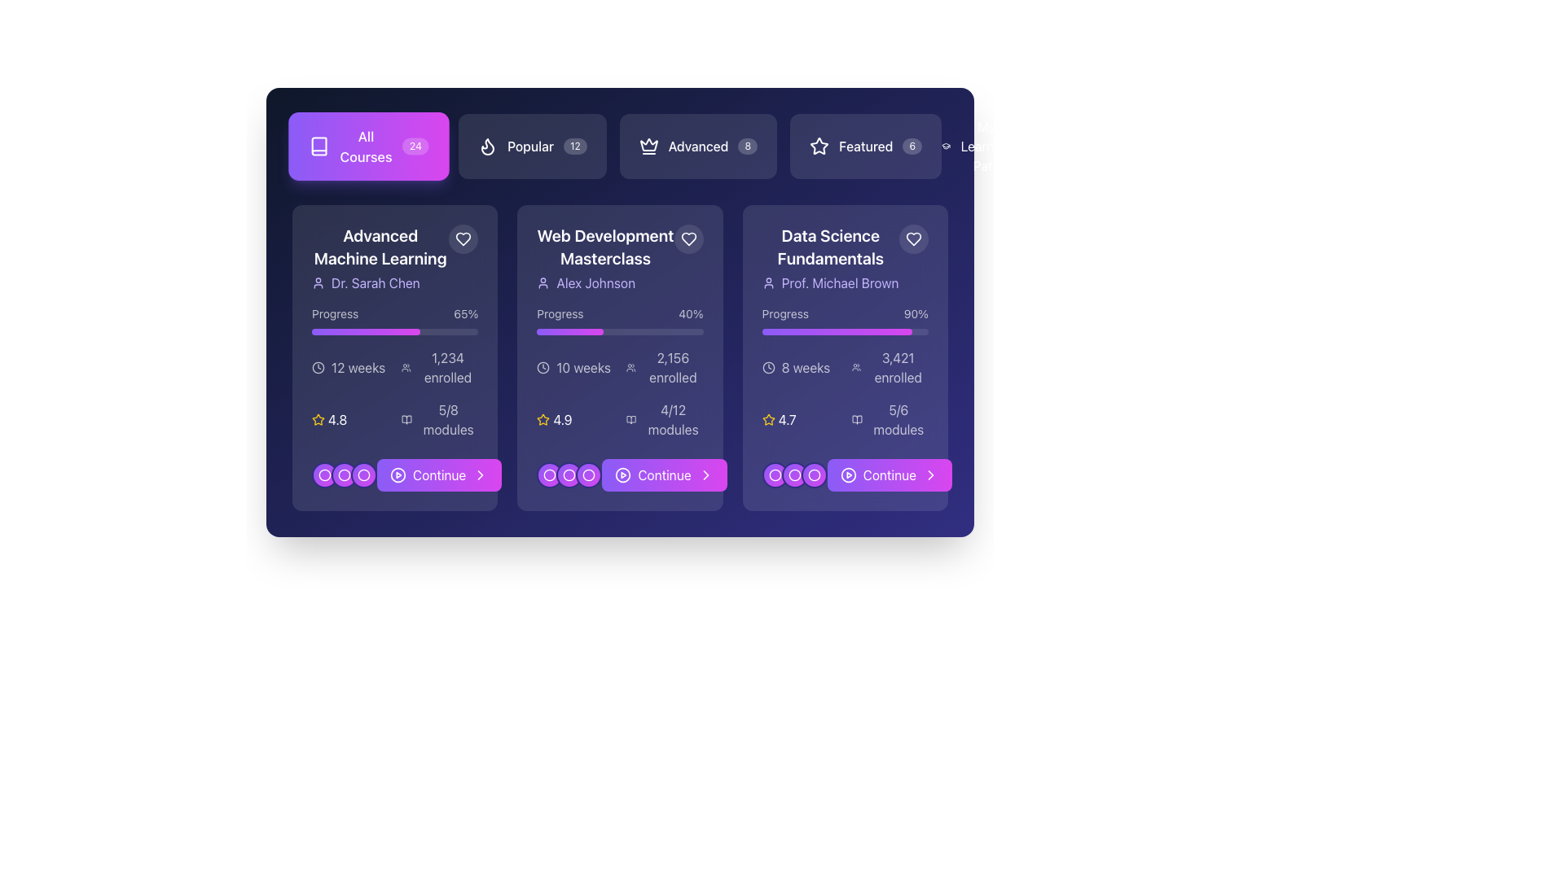 The width and height of the screenshot is (1564, 879). I want to click on the Informational label displaying '3,421 enrolled' with a user icon, located in the rightmost card of a grid layout, positioned below '8 weeks' and above '4.7', so click(889, 367).